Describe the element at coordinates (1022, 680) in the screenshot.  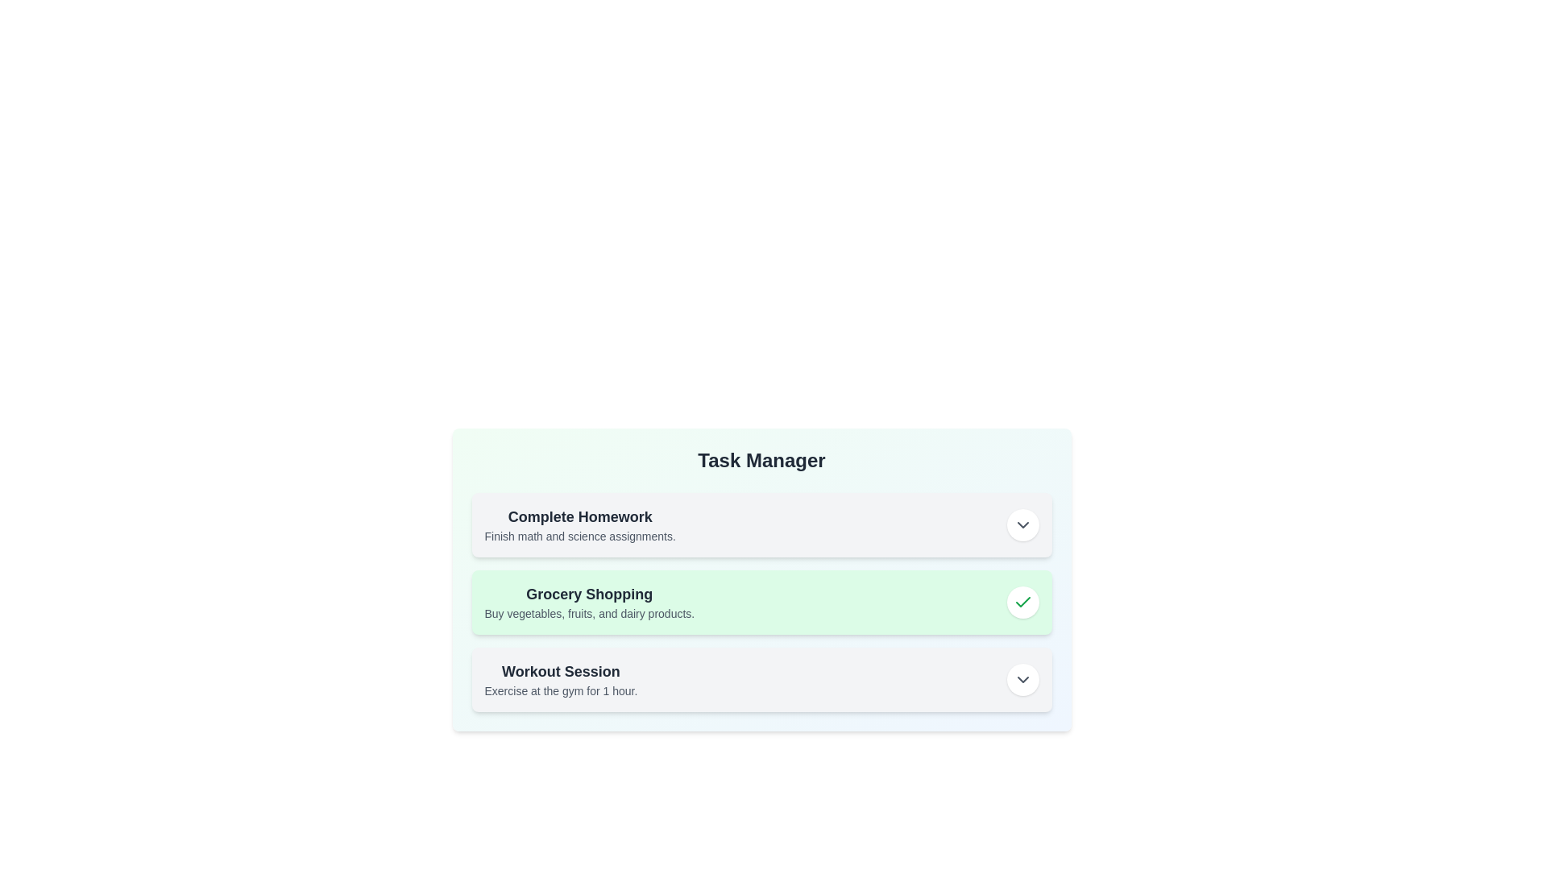
I see `the interactive button for task 'Workout Session'` at that location.